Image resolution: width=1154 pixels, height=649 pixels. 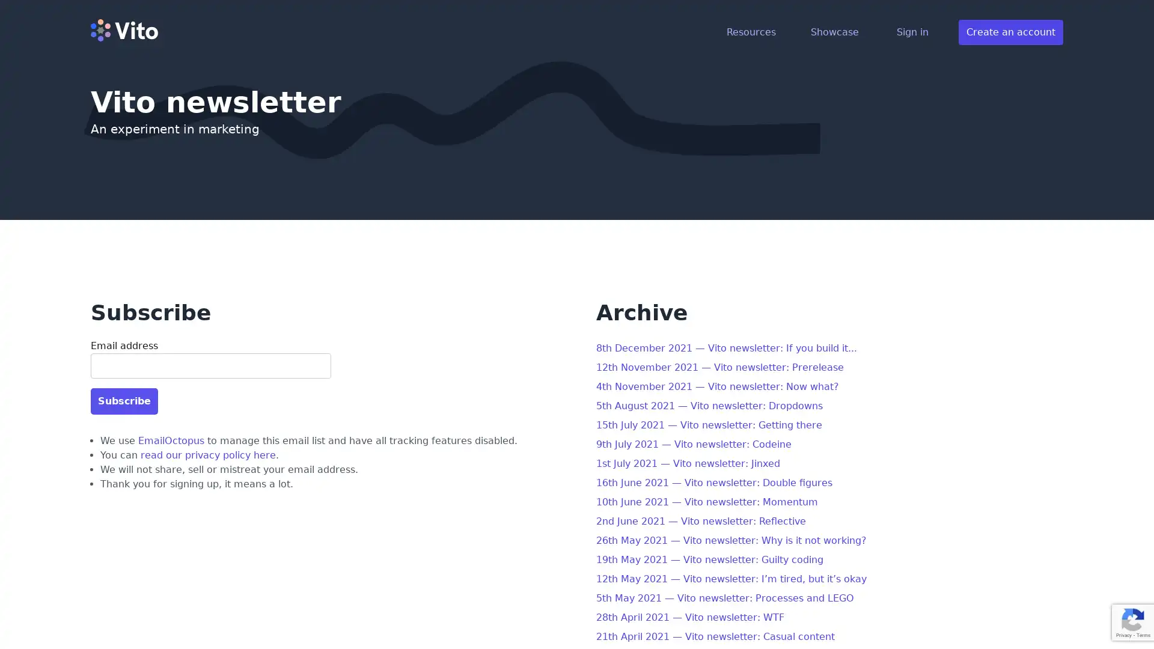 I want to click on Subscribe, so click(x=124, y=401).